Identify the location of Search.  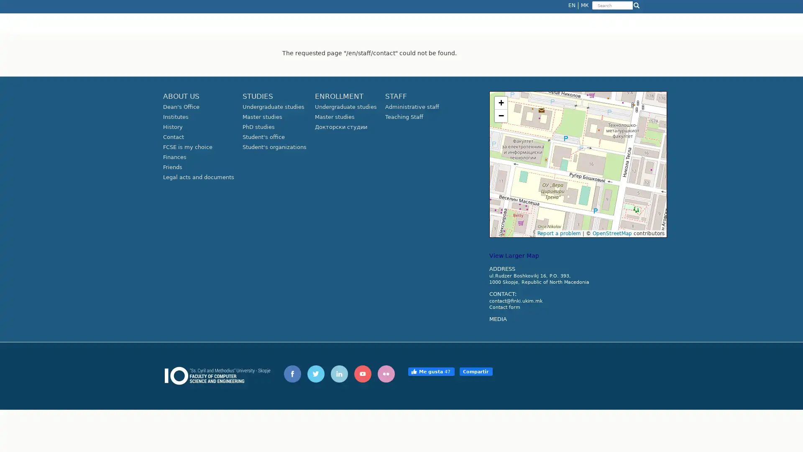
(592, 11).